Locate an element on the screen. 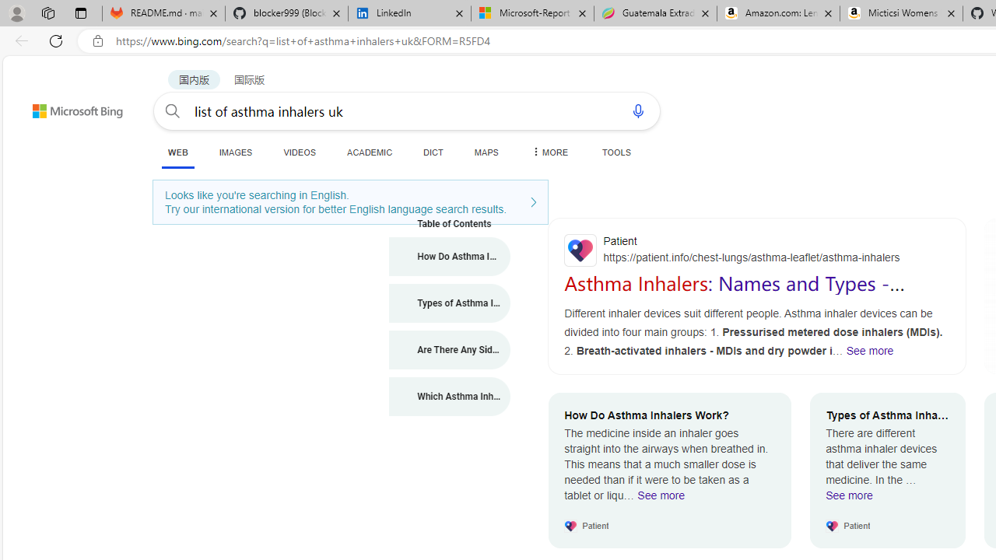 The width and height of the screenshot is (996, 560). 'Global web icon' is located at coordinates (580, 249).